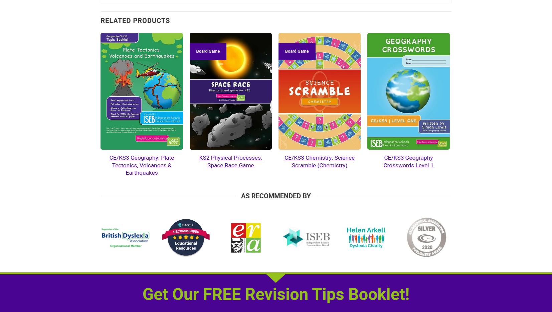 This screenshot has width=552, height=312. I want to click on 'CE/KS3 Chemistry: Science Scramble (Chemistry)', so click(319, 161).